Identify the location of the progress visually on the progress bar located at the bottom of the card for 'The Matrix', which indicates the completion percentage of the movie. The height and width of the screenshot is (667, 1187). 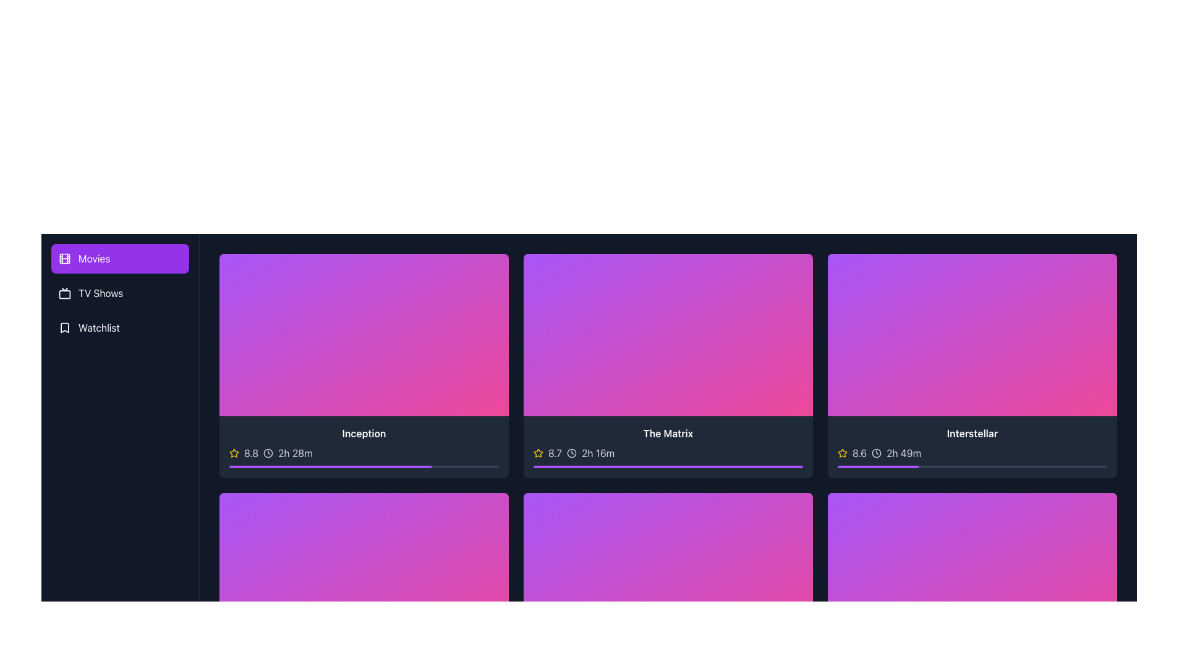
(667, 467).